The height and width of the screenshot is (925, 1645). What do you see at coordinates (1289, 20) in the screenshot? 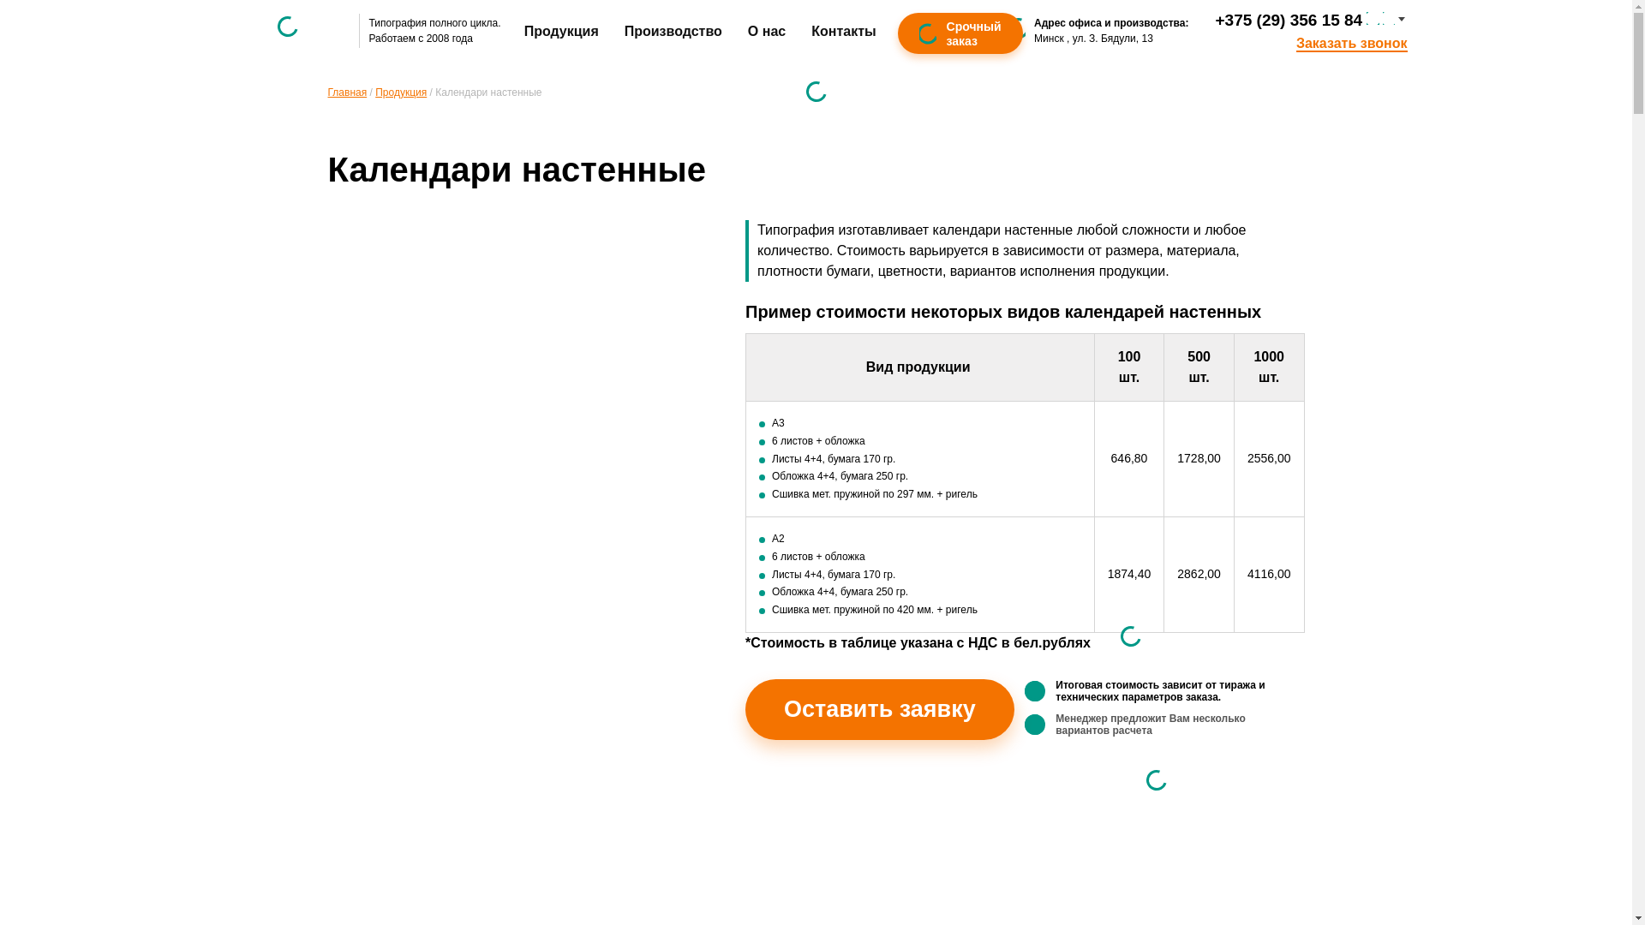
I see `'+375 (29) 356 15 84'` at bounding box center [1289, 20].